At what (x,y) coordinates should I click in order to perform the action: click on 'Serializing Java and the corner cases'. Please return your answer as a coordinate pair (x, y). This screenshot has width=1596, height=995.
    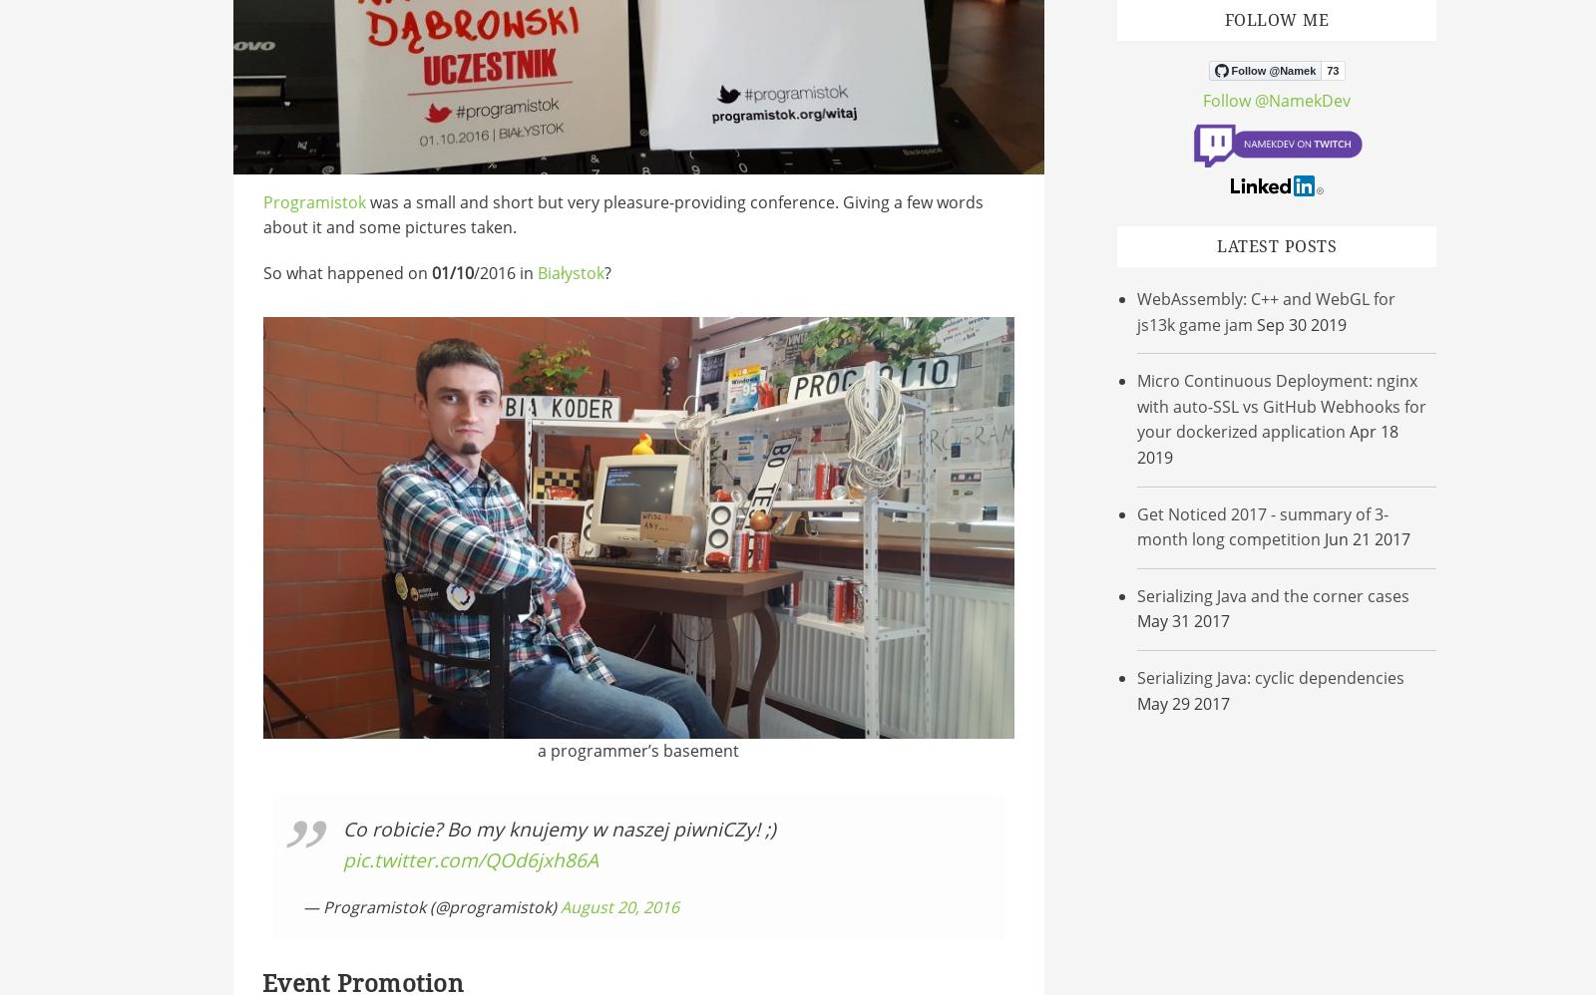
    Looking at the image, I should click on (1137, 594).